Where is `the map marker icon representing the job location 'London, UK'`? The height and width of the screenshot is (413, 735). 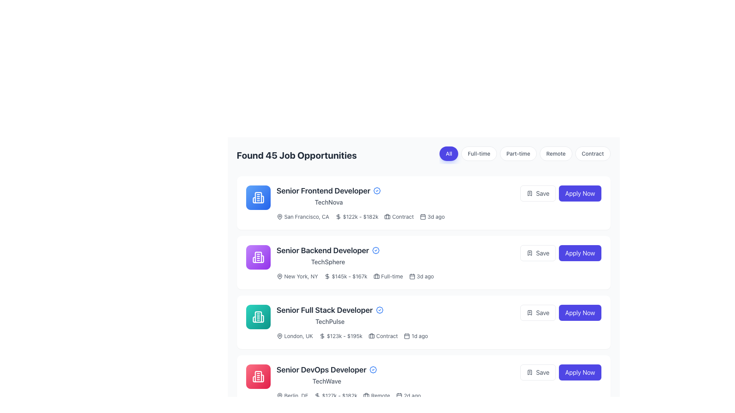 the map marker icon representing the job location 'London, UK' is located at coordinates (279, 336).